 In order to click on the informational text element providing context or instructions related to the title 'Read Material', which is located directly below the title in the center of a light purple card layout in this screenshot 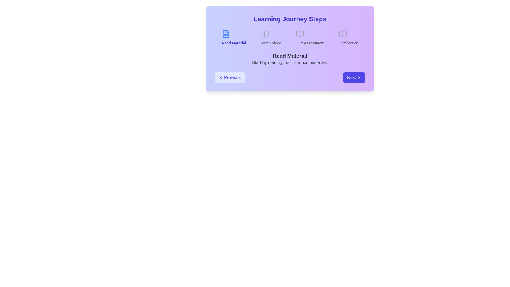, I will do `click(290, 62)`.